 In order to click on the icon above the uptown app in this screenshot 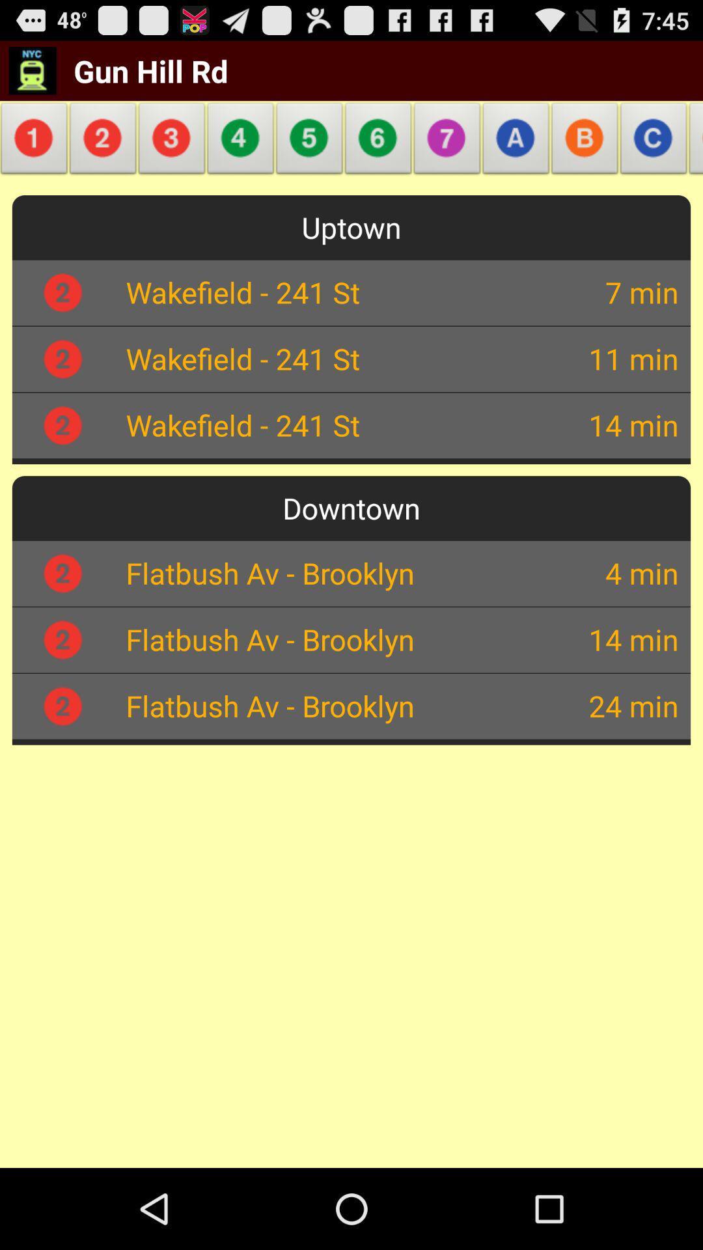, I will do `click(584, 142)`.